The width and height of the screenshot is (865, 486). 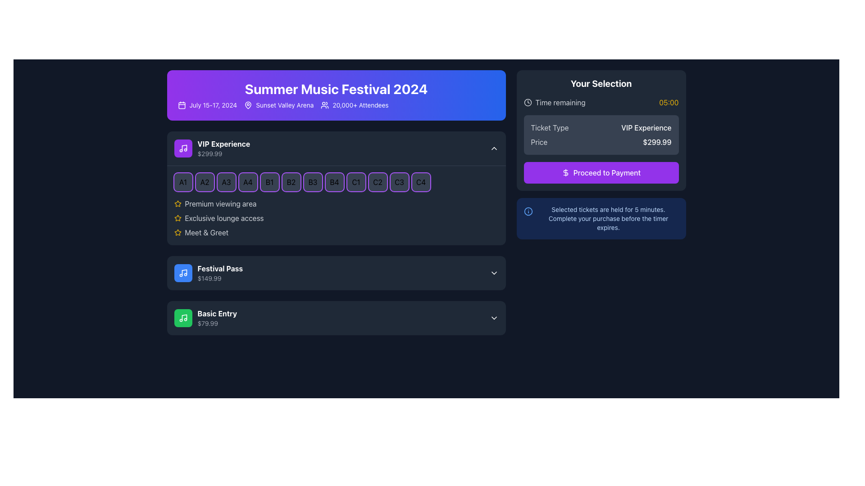 What do you see at coordinates (399, 182) in the screenshot?
I see `the dark gray button labeled 'C3' with a purple glow in the 'VIP Experience' section` at bounding box center [399, 182].